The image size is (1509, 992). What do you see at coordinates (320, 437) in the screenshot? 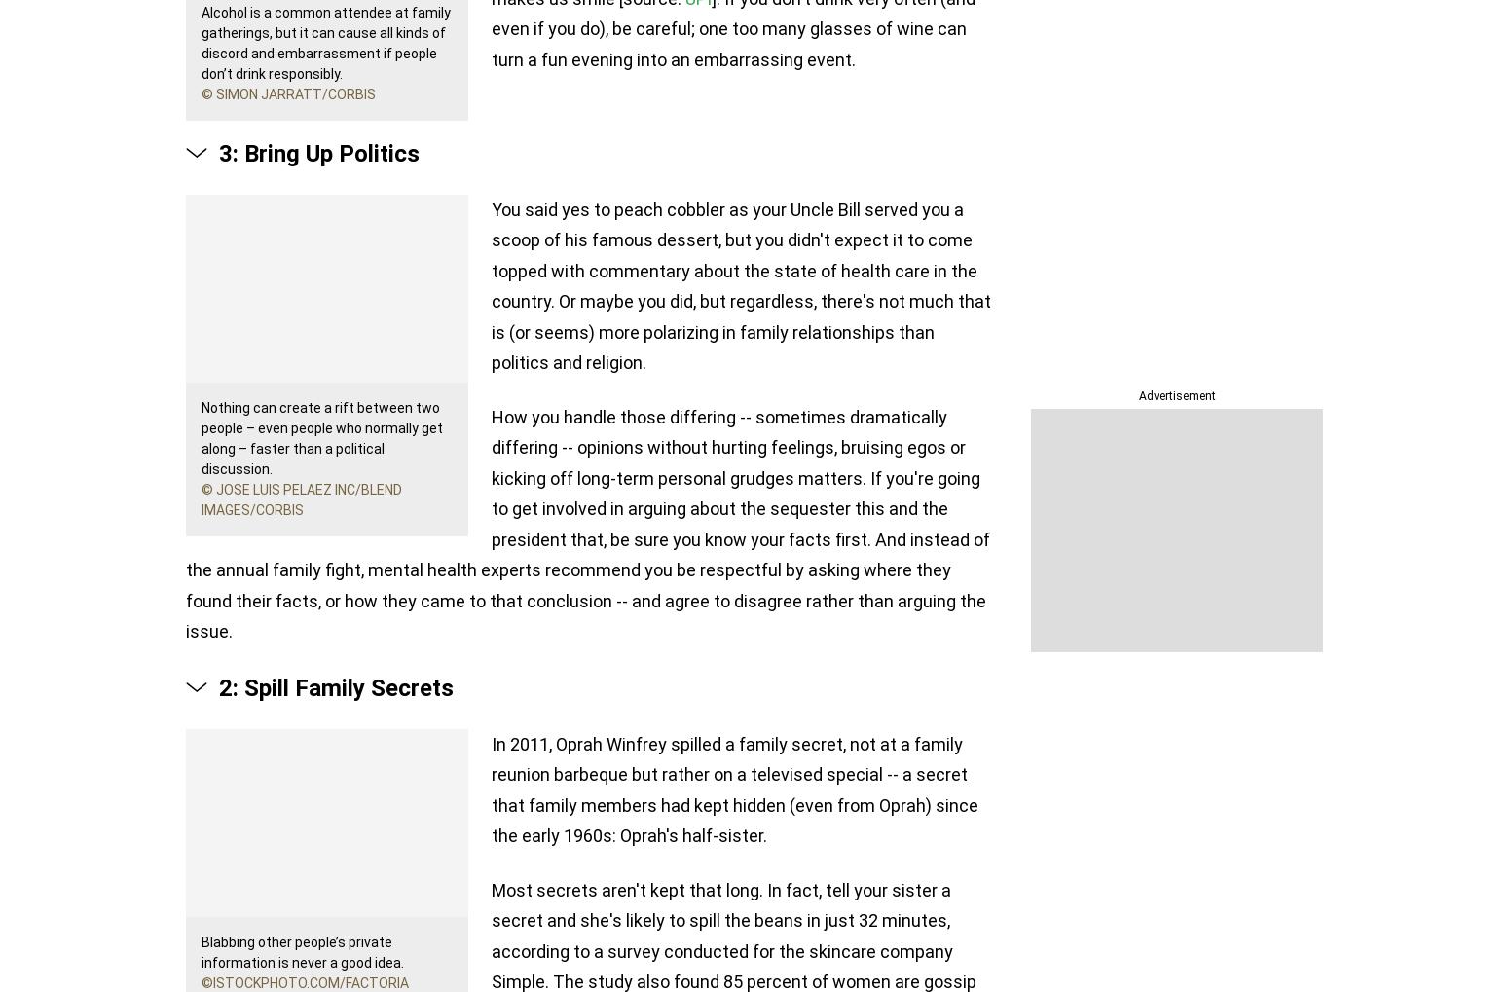
I see `'Nothing can create a rift between two people – even people who normally get along – faster than a political discussion.'` at bounding box center [320, 437].